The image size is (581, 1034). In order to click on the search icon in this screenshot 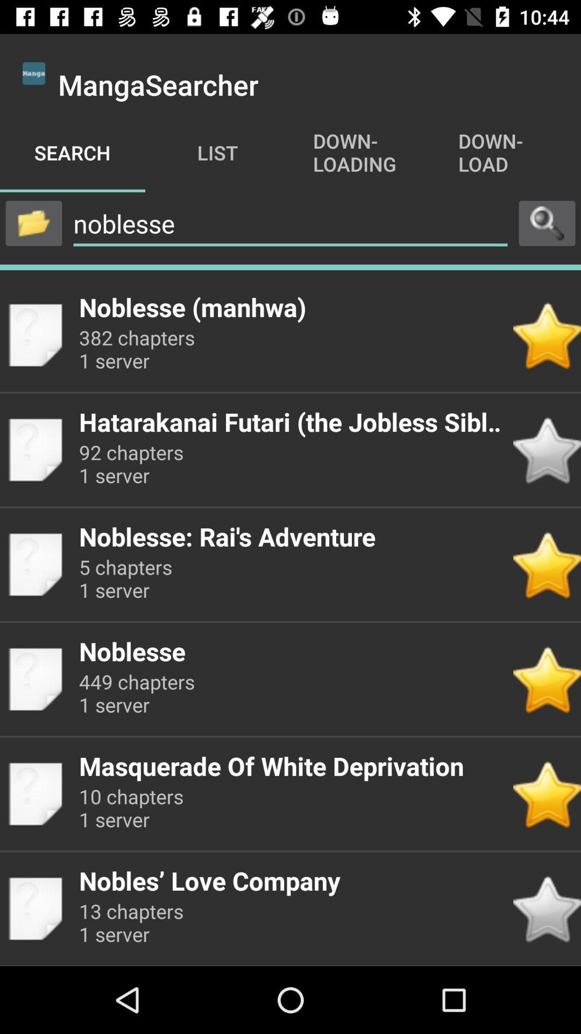, I will do `click(547, 222)`.